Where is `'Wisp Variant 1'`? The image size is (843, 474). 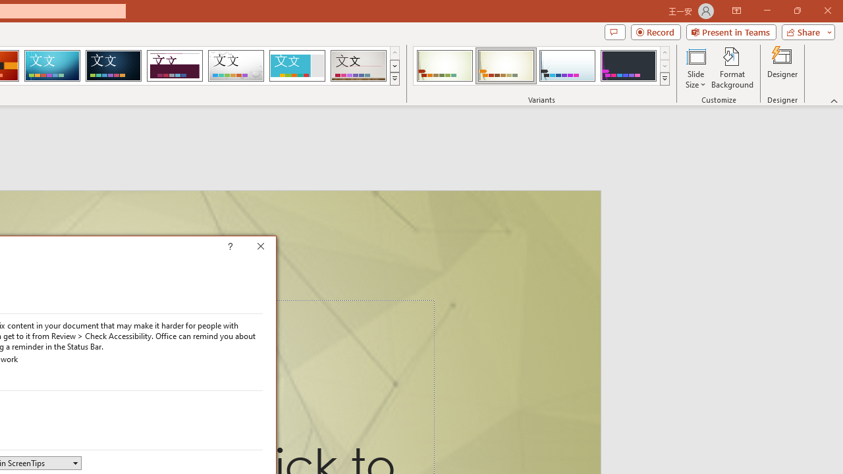
'Wisp Variant 1' is located at coordinates (445, 66).